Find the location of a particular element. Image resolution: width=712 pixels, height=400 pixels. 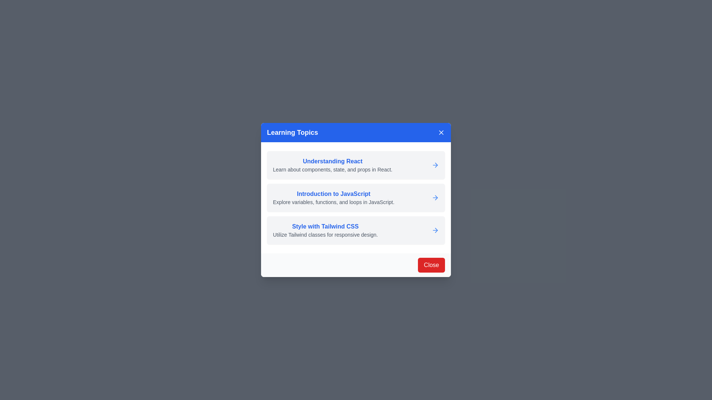

the short diagonal line forming part of the 'X' icon in the header of the 'Learning Topics' card is located at coordinates (441, 132).